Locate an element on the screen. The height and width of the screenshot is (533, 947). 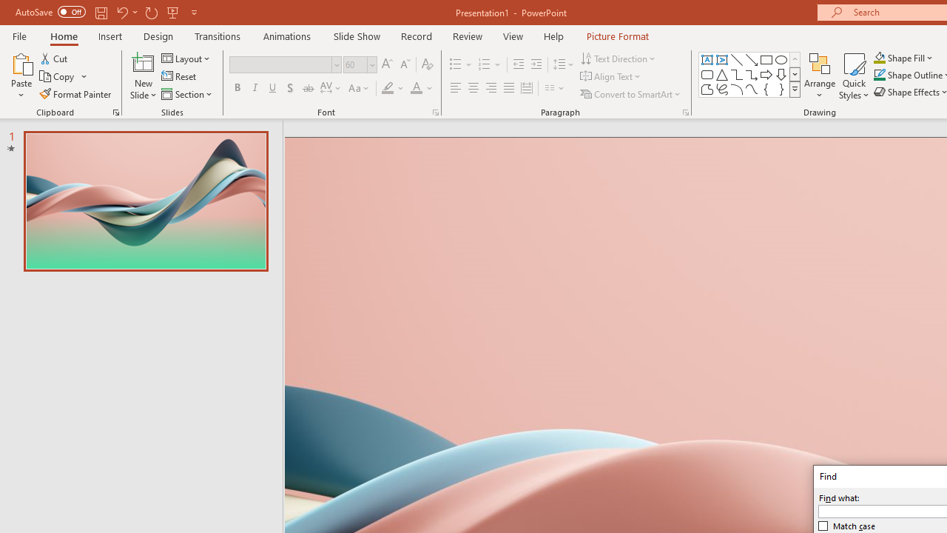
'Distributed' is located at coordinates (527, 88).